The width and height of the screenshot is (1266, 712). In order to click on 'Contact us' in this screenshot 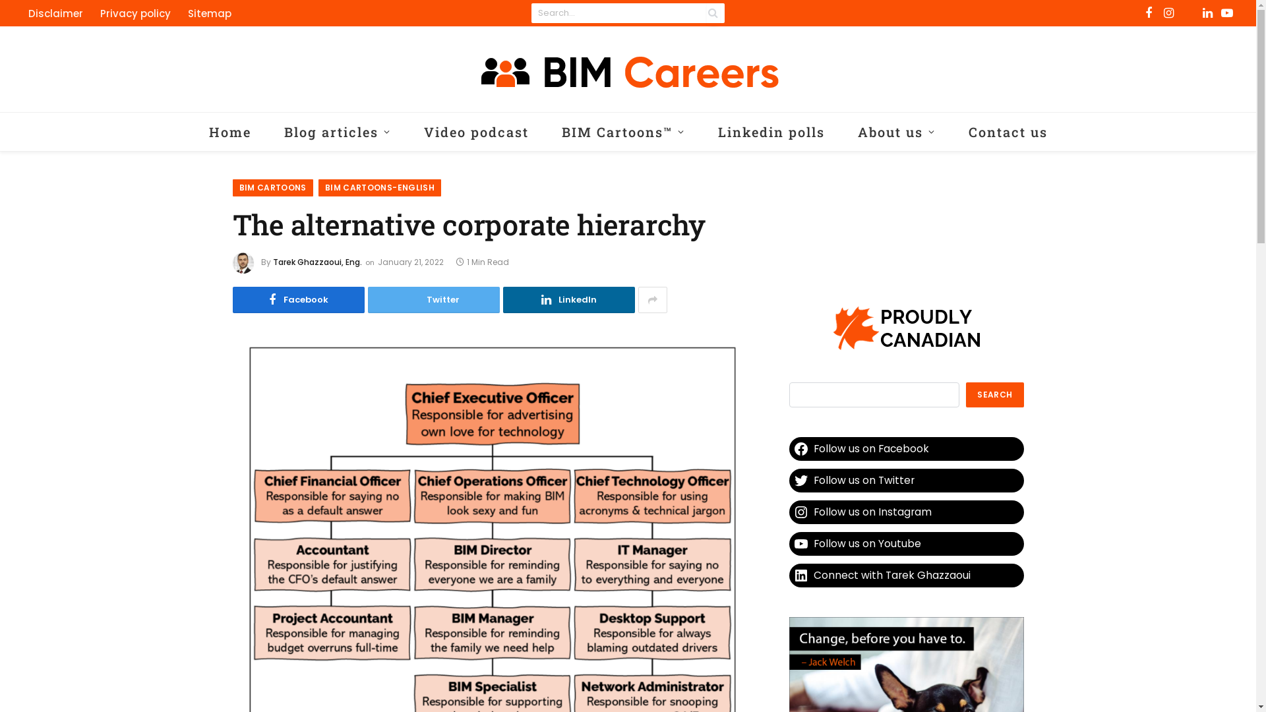, I will do `click(1008, 132)`.